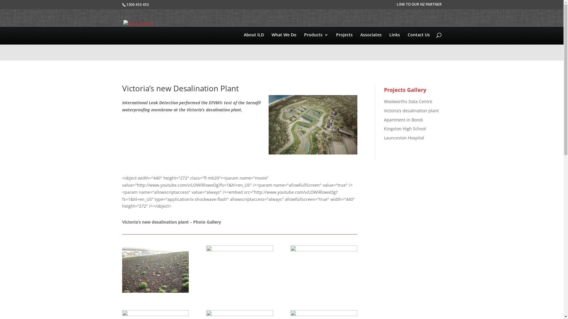  I want to click on 'desal-02', so click(323, 292).